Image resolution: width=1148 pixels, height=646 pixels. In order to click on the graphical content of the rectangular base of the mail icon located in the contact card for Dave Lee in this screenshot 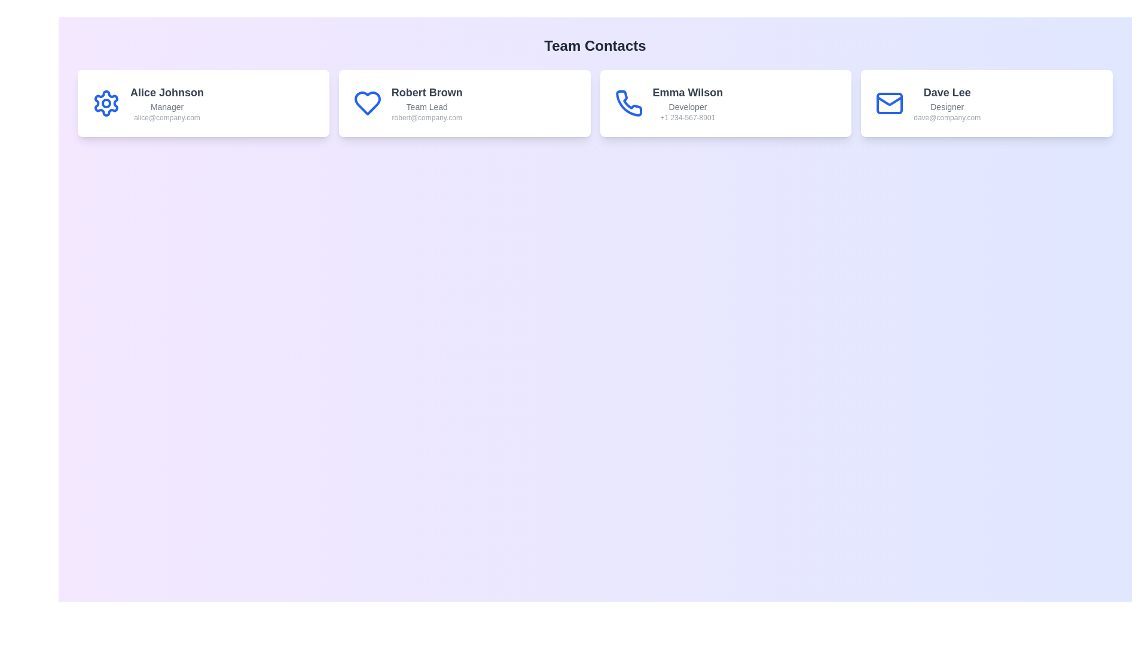, I will do `click(890, 103)`.